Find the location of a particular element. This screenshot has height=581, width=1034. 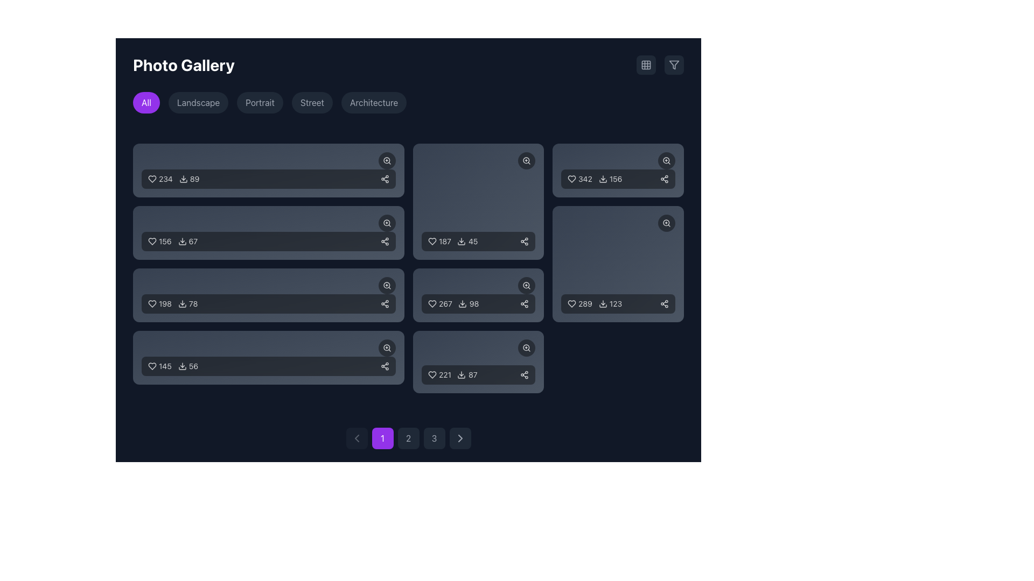

the circular button with bold white text stating '1' on a purple background is located at coordinates (382, 438).